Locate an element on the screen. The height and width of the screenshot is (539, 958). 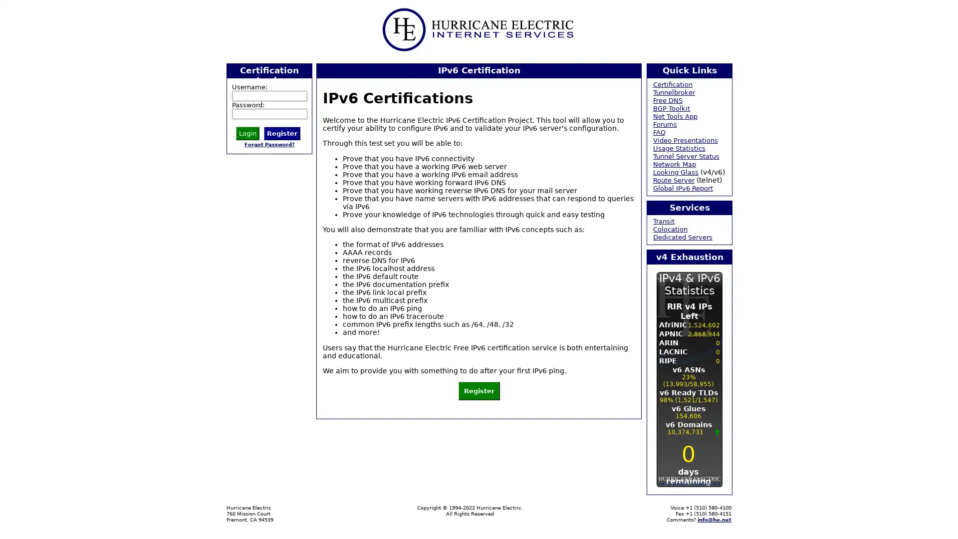
Register is located at coordinates (478, 390).